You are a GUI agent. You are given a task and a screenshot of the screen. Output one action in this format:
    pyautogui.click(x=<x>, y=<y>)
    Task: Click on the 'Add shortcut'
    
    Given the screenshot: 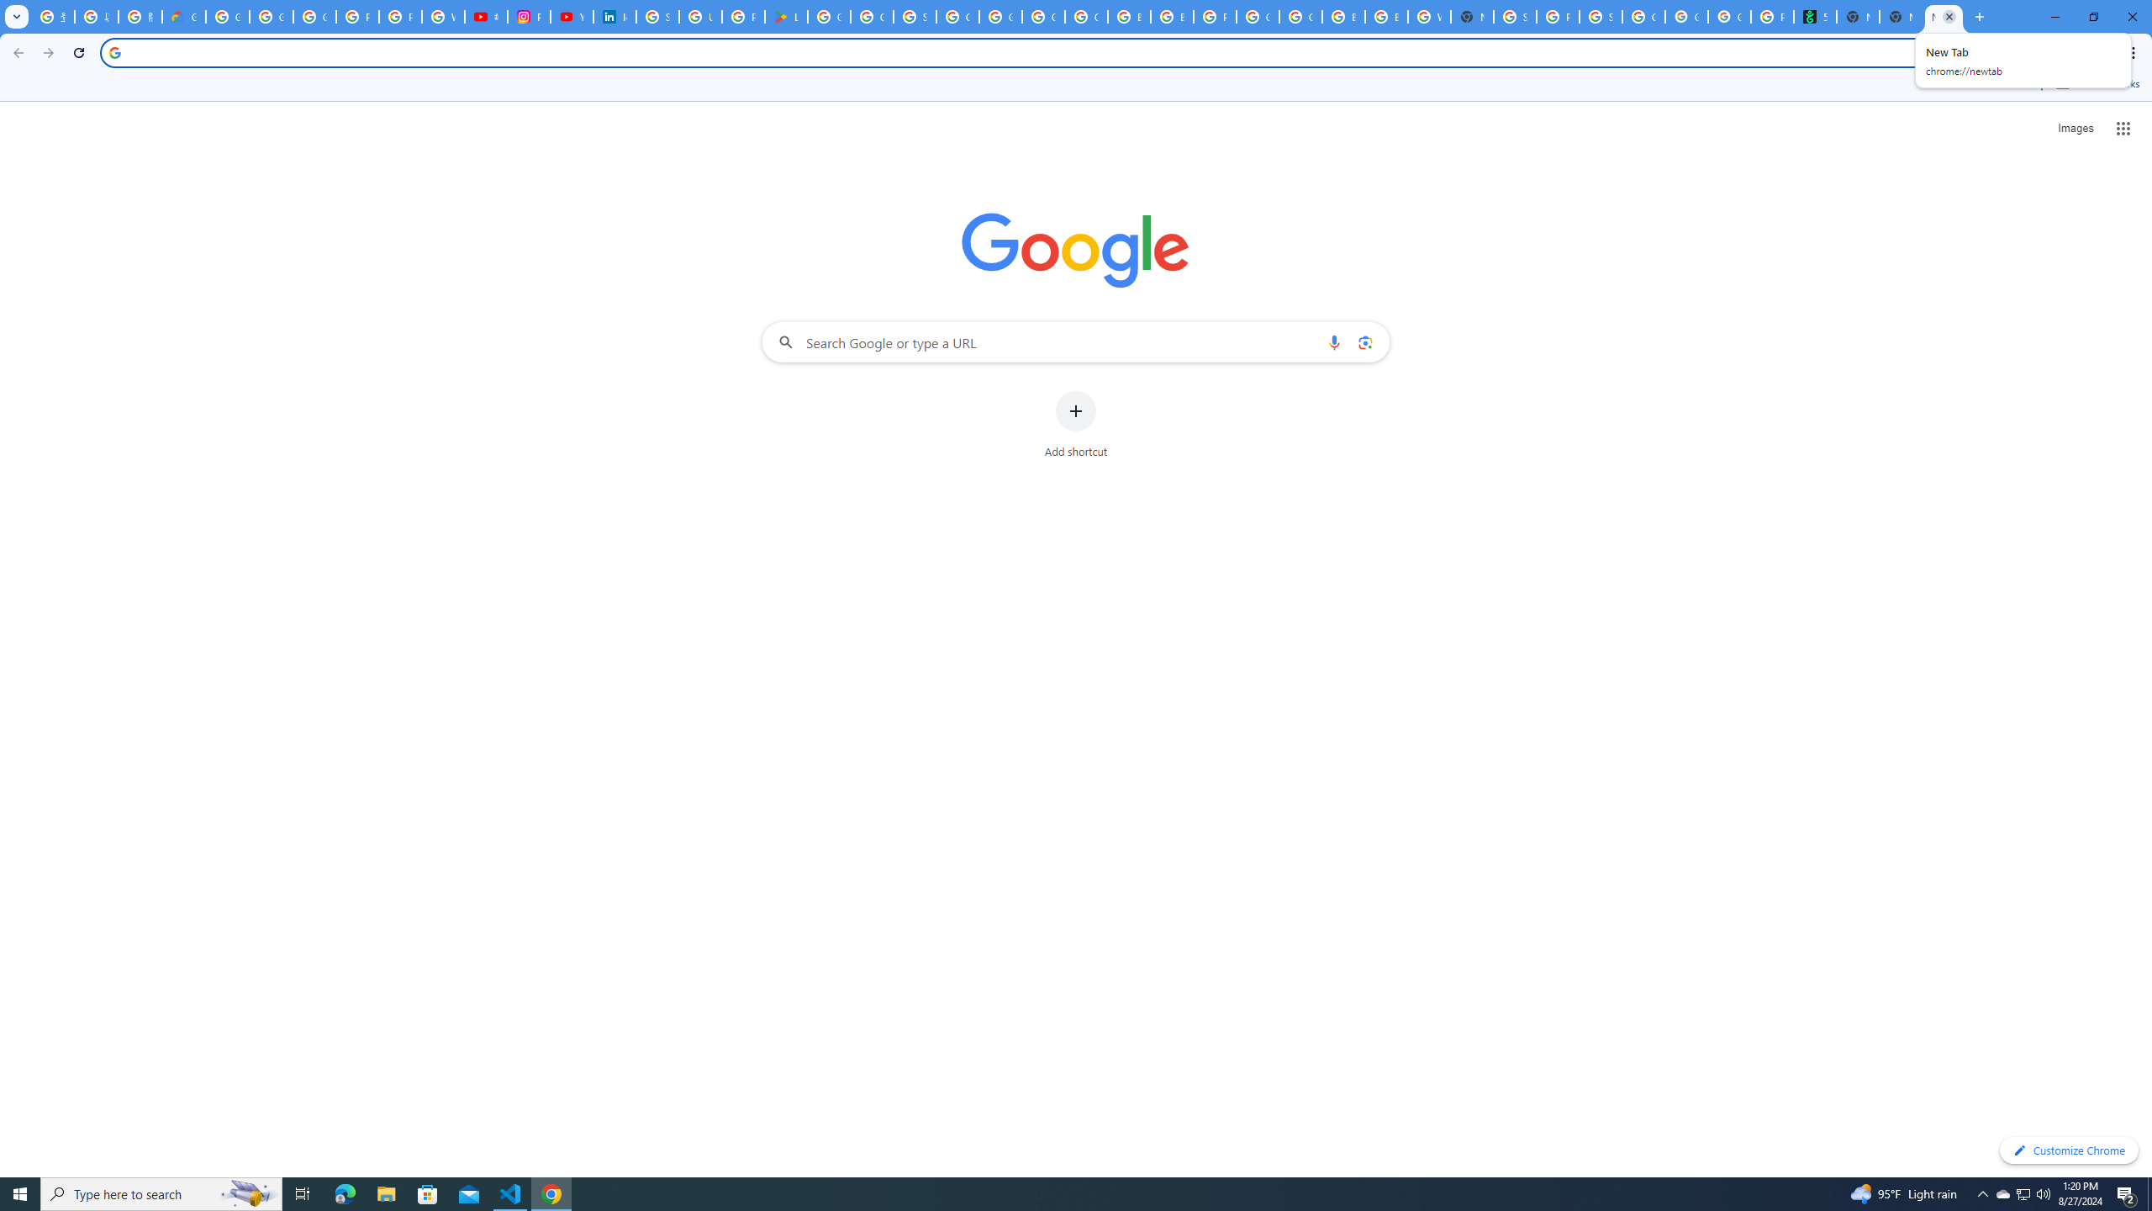 What is the action you would take?
    pyautogui.click(x=1076, y=425)
    